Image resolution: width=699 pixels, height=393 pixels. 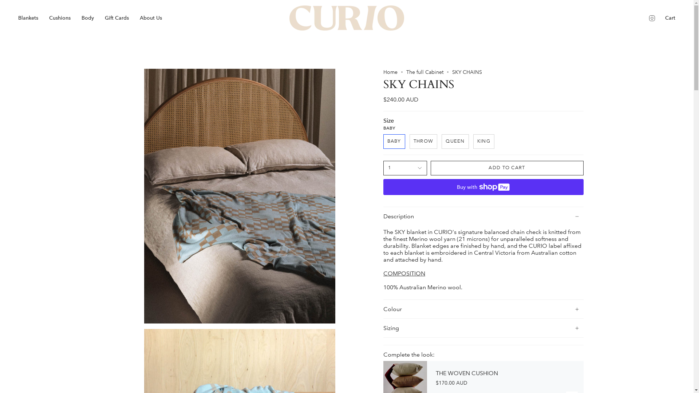 What do you see at coordinates (435, 377) in the screenshot?
I see `'THE WOVEN CUSHION` at bounding box center [435, 377].